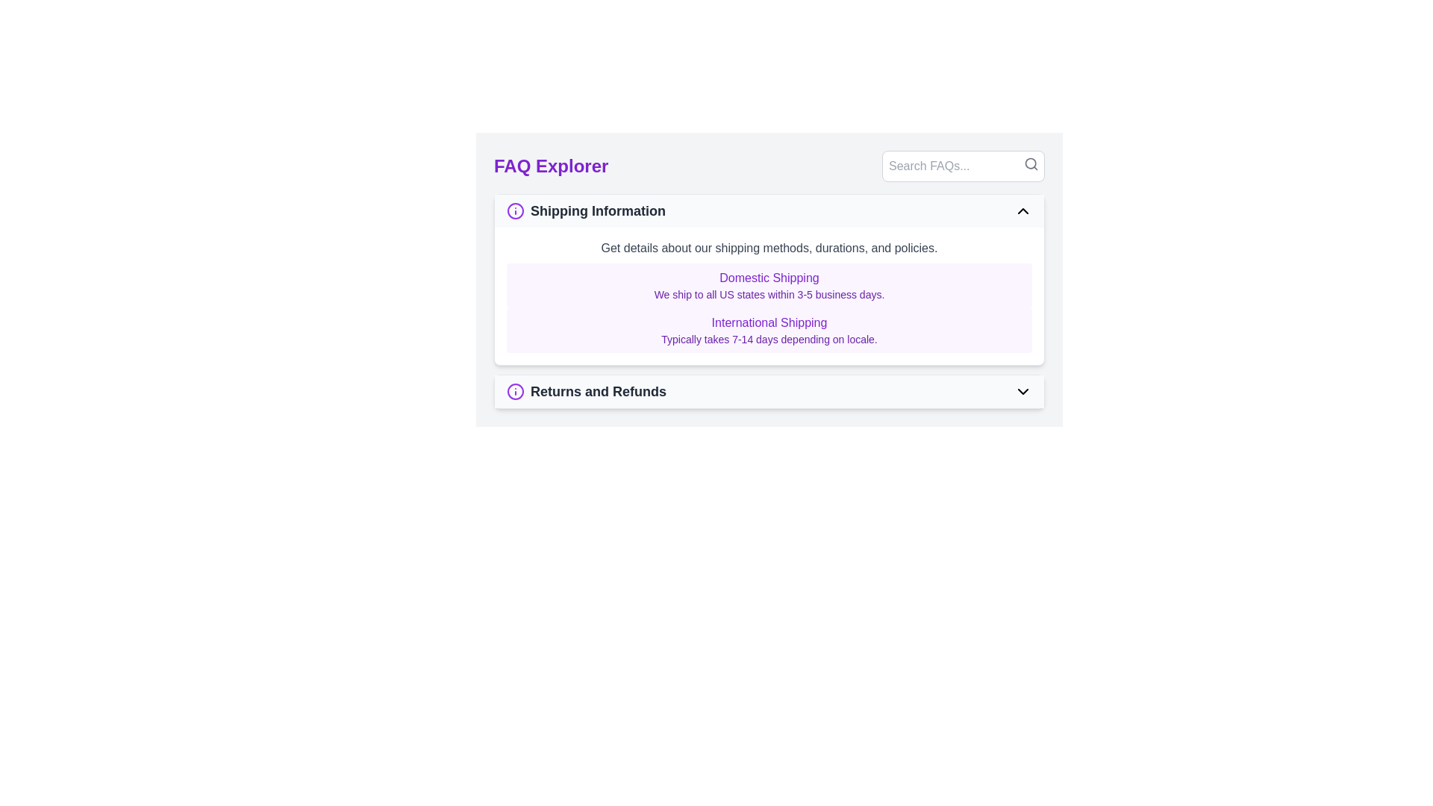 This screenshot has height=806, width=1433. I want to click on the Text Label that serves as a subheading for international shipping policies, located within the 'Shipping Information' section, so click(769, 322).